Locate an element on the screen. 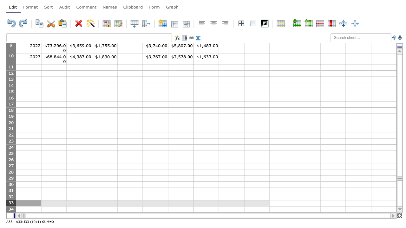  the resize handle of row 37 is located at coordinates (11, 231).